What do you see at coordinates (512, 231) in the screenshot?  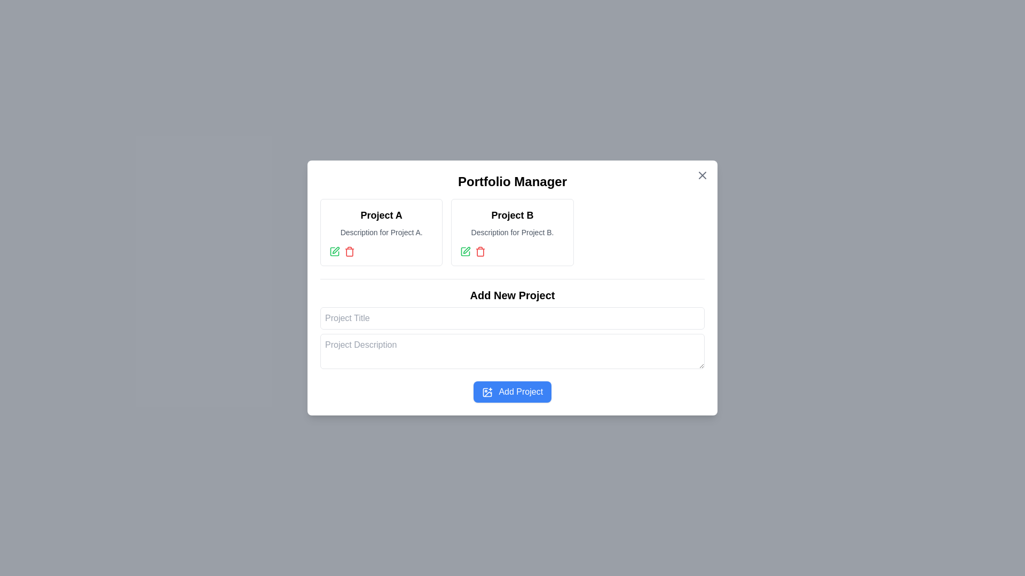 I see `title 'Project B' and description 'Description for Project B.' from the bordered card located at the top center of the 'Portfolio Manager' modal` at bounding box center [512, 231].